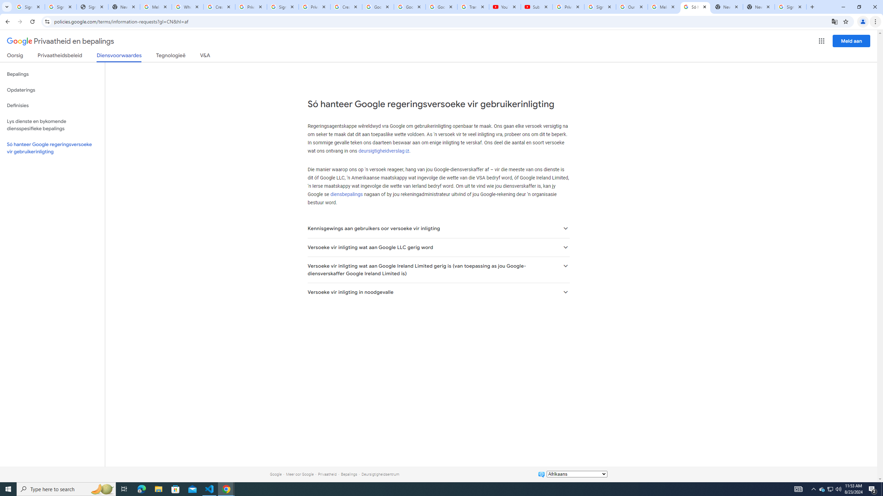 Image resolution: width=883 pixels, height=496 pixels. What do you see at coordinates (275, 474) in the screenshot?
I see `'Google'` at bounding box center [275, 474].